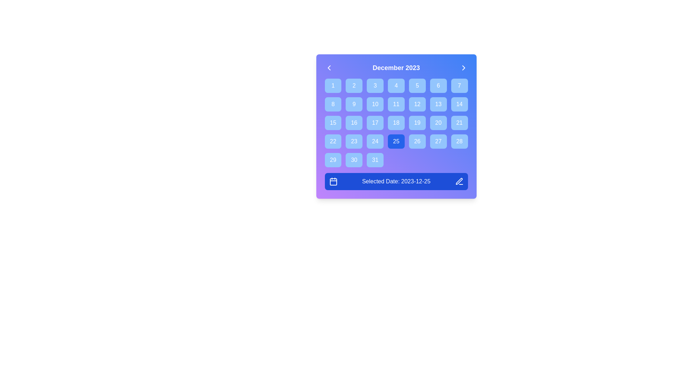 This screenshot has height=386, width=687. What do you see at coordinates (333, 142) in the screenshot?
I see `the Day cell in the calendar grid, which is a rounded rectangle with a light blue background containing the number '22'` at bounding box center [333, 142].